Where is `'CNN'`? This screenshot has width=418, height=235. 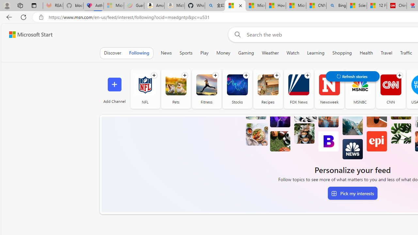 'CNN' is located at coordinates (391, 85).